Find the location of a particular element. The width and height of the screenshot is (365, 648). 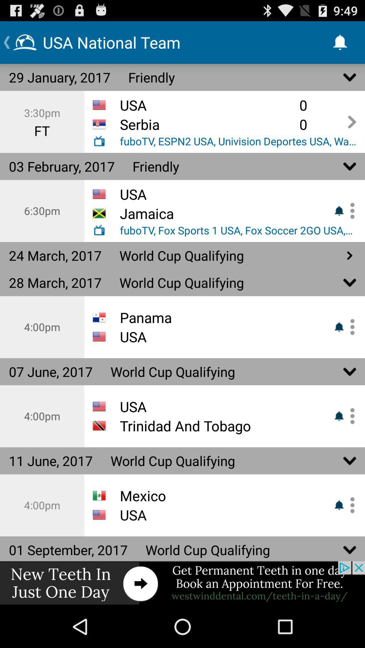

enable or disable notification is located at coordinates (350, 505).